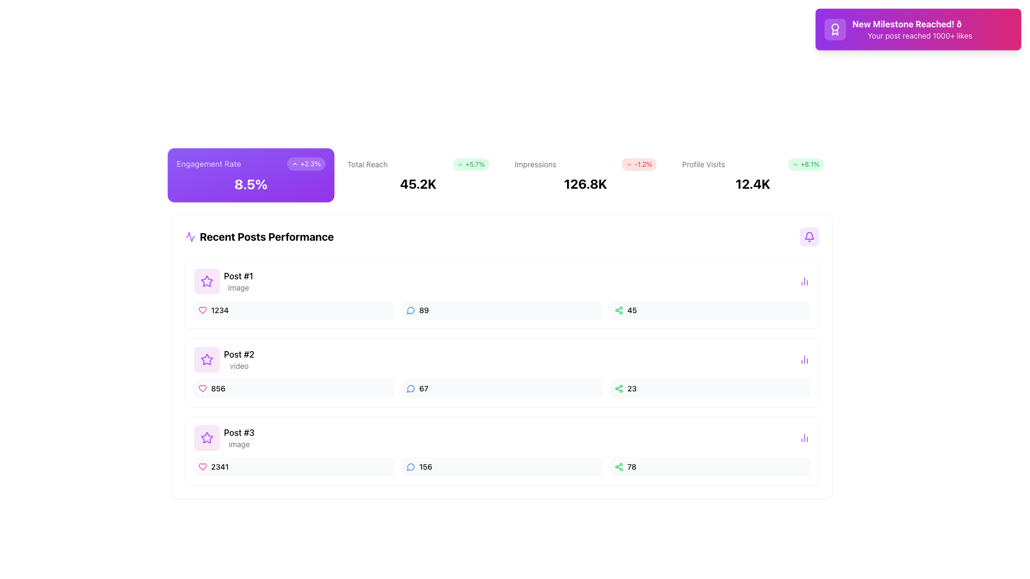  What do you see at coordinates (190, 236) in the screenshot?
I see `the activity icon located at the top-right section of the 'Recent Posts Performance' panel, which serves as an indicator or decoration in the UI` at bounding box center [190, 236].